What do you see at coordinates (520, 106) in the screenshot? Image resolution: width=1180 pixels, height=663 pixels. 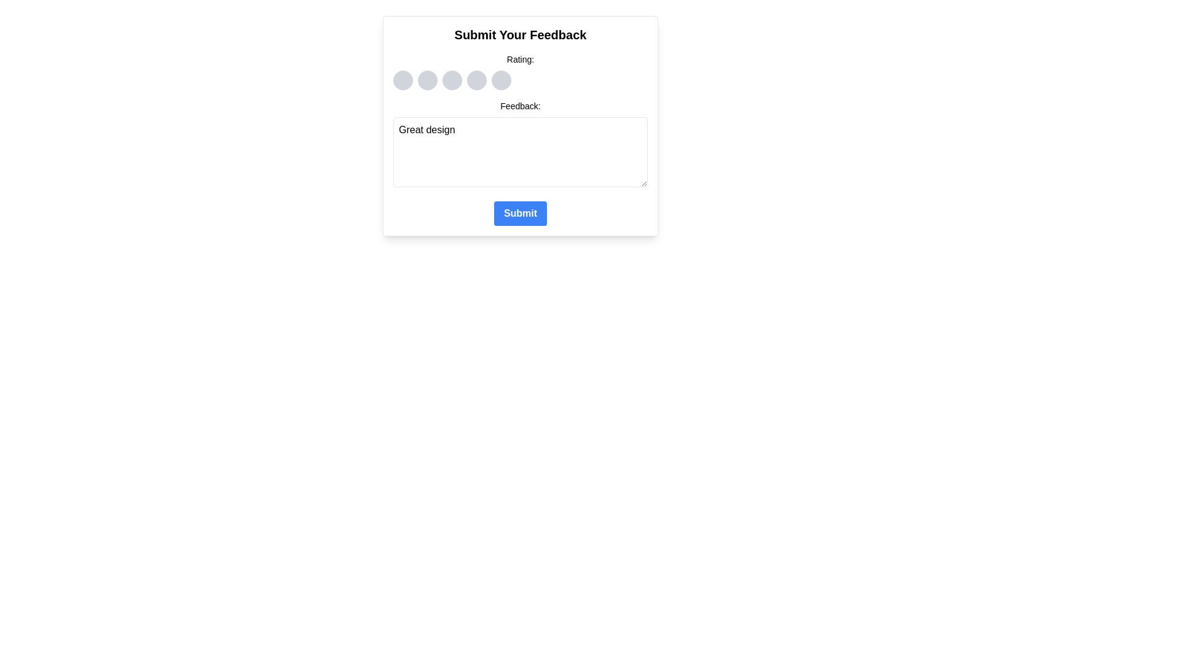 I see `text label displaying 'Feedback:' located above the multi-line text input area` at bounding box center [520, 106].